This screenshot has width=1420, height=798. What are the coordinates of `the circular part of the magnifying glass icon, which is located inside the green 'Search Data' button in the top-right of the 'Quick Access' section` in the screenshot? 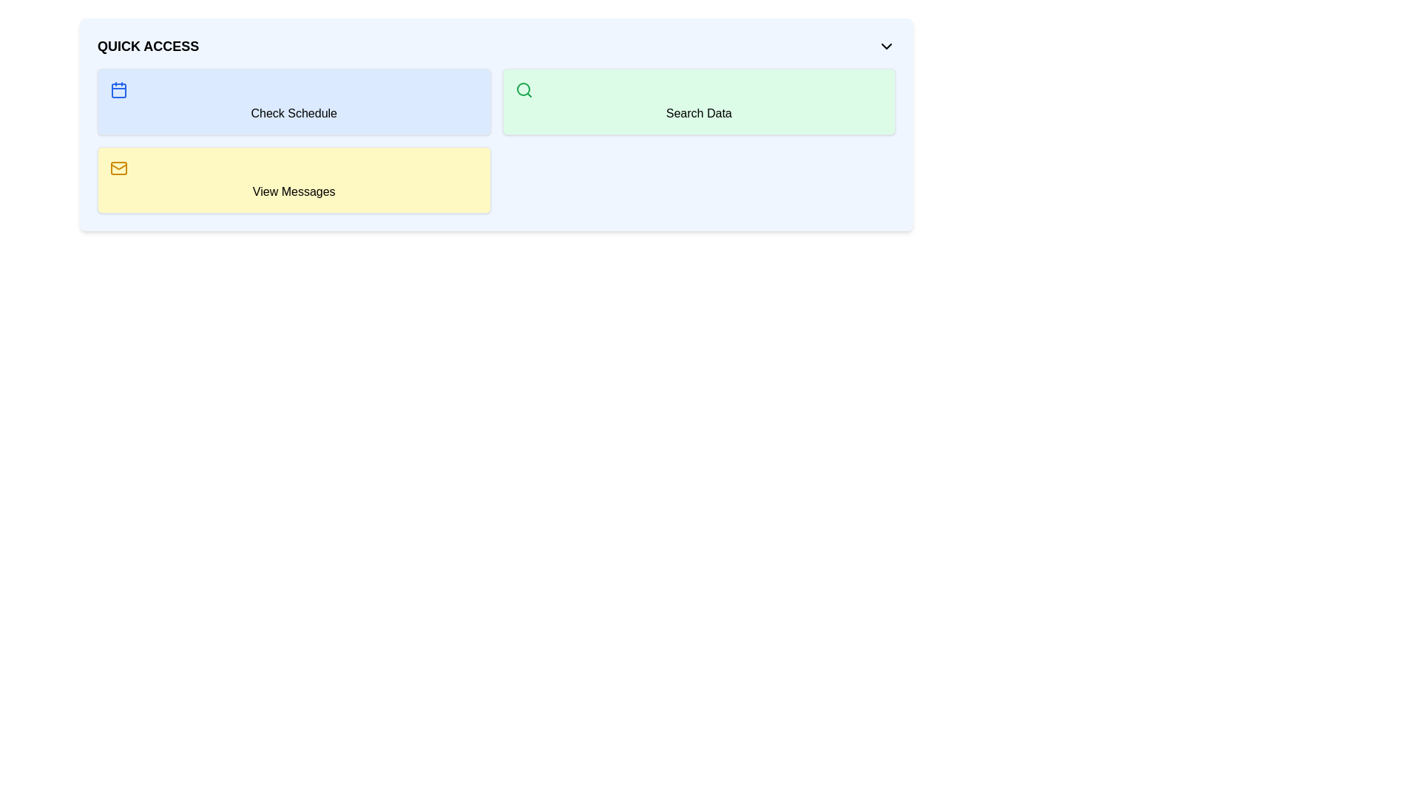 It's located at (523, 89).